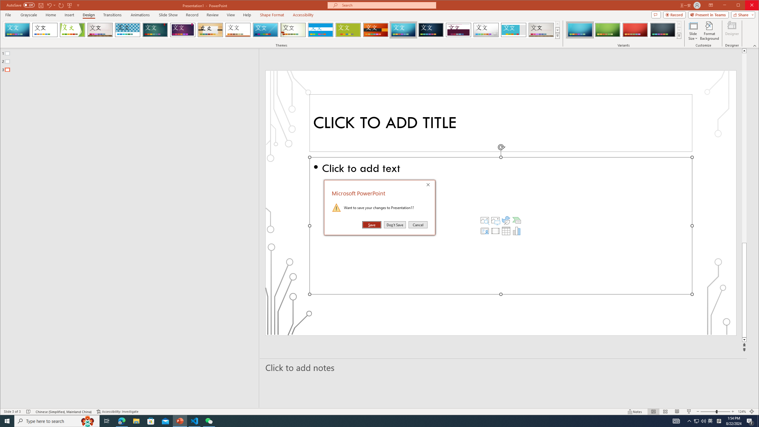  Describe the element at coordinates (272, 15) in the screenshot. I see `'Shape Format'` at that location.